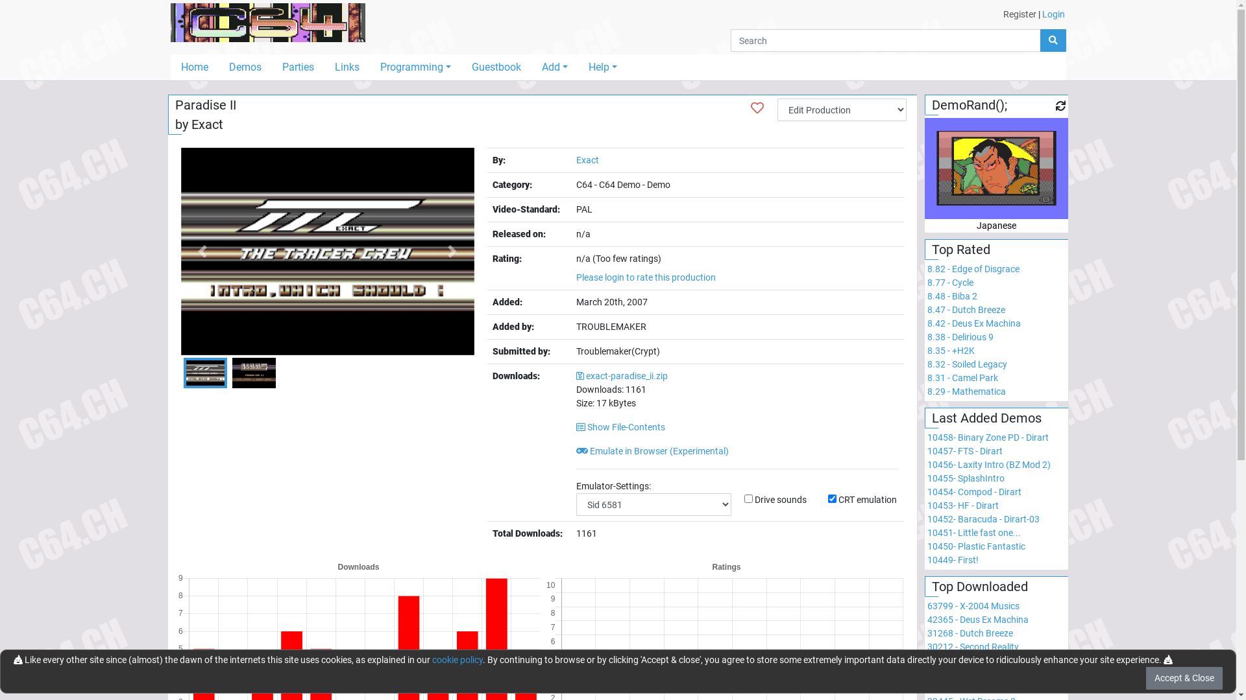  Describe the element at coordinates (927, 310) in the screenshot. I see `'8.47 - Dutch Breeze'` at that location.